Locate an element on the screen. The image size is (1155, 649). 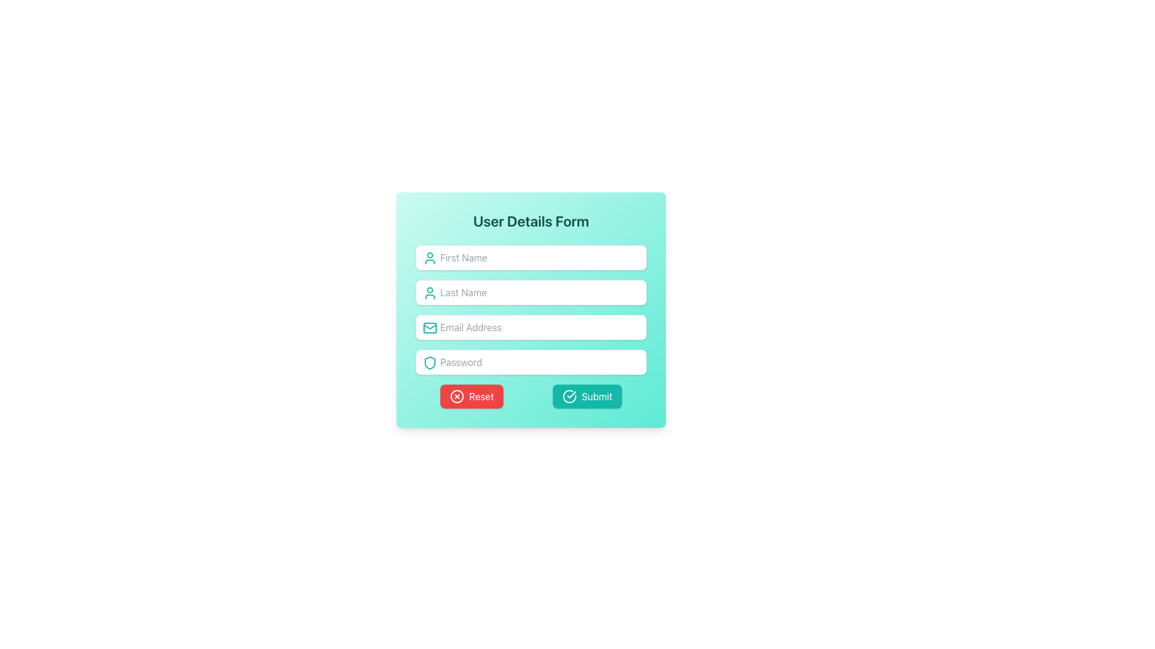
the circular graphical decoration representing the cancel or close action within the 'Reset' button located at the bottom-left corner of the form is located at coordinates (456, 396).